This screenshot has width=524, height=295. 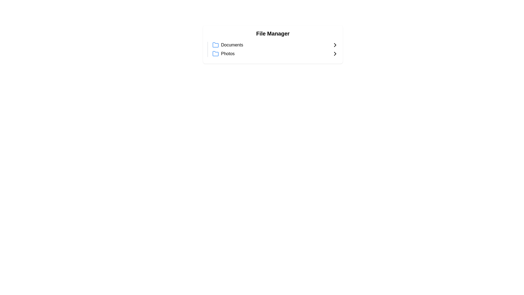 I want to click on the 'Photos' text label located directly below the 'Documents' entry in the File Manager interface, so click(x=228, y=54).